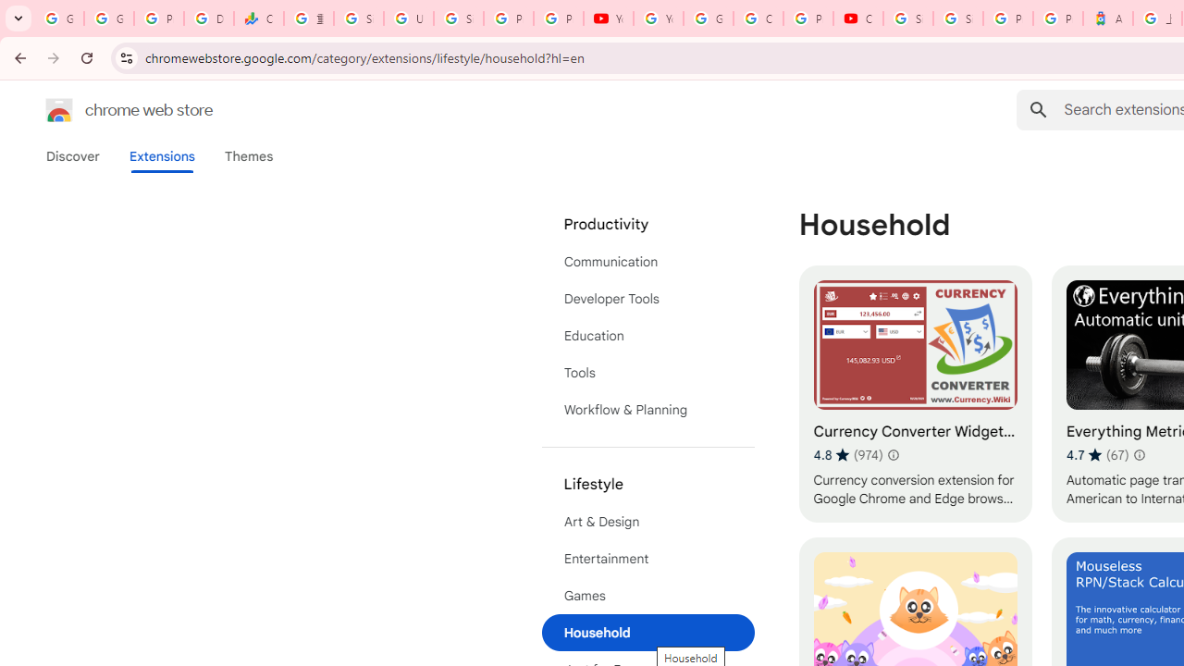 This screenshot has height=666, width=1184. Describe the element at coordinates (647, 596) in the screenshot. I see `'Games'` at that location.